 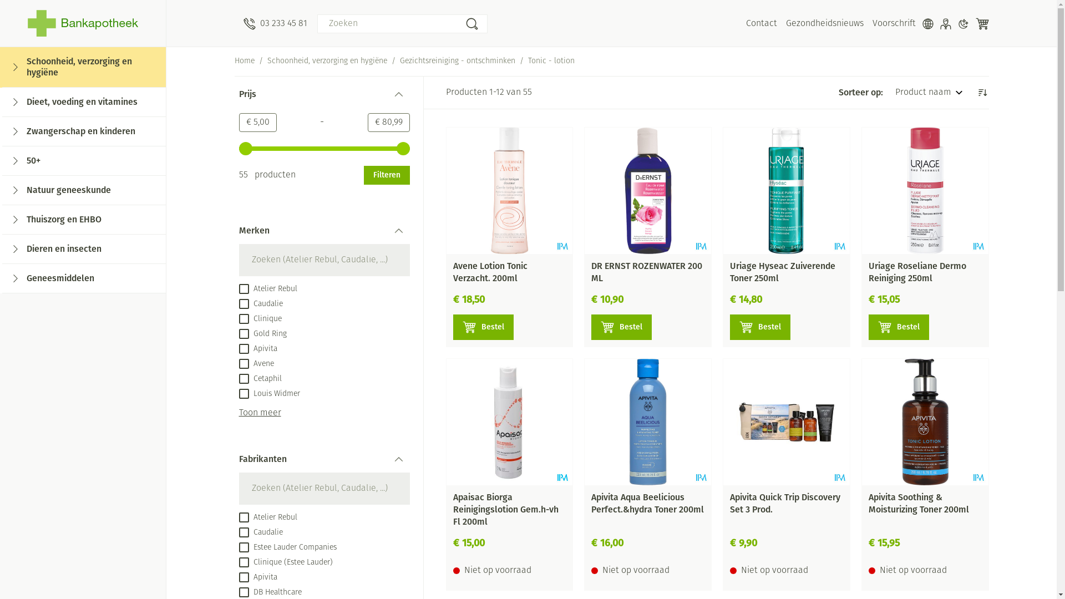 What do you see at coordinates (894, 23) in the screenshot?
I see `'Voorschrift'` at bounding box center [894, 23].